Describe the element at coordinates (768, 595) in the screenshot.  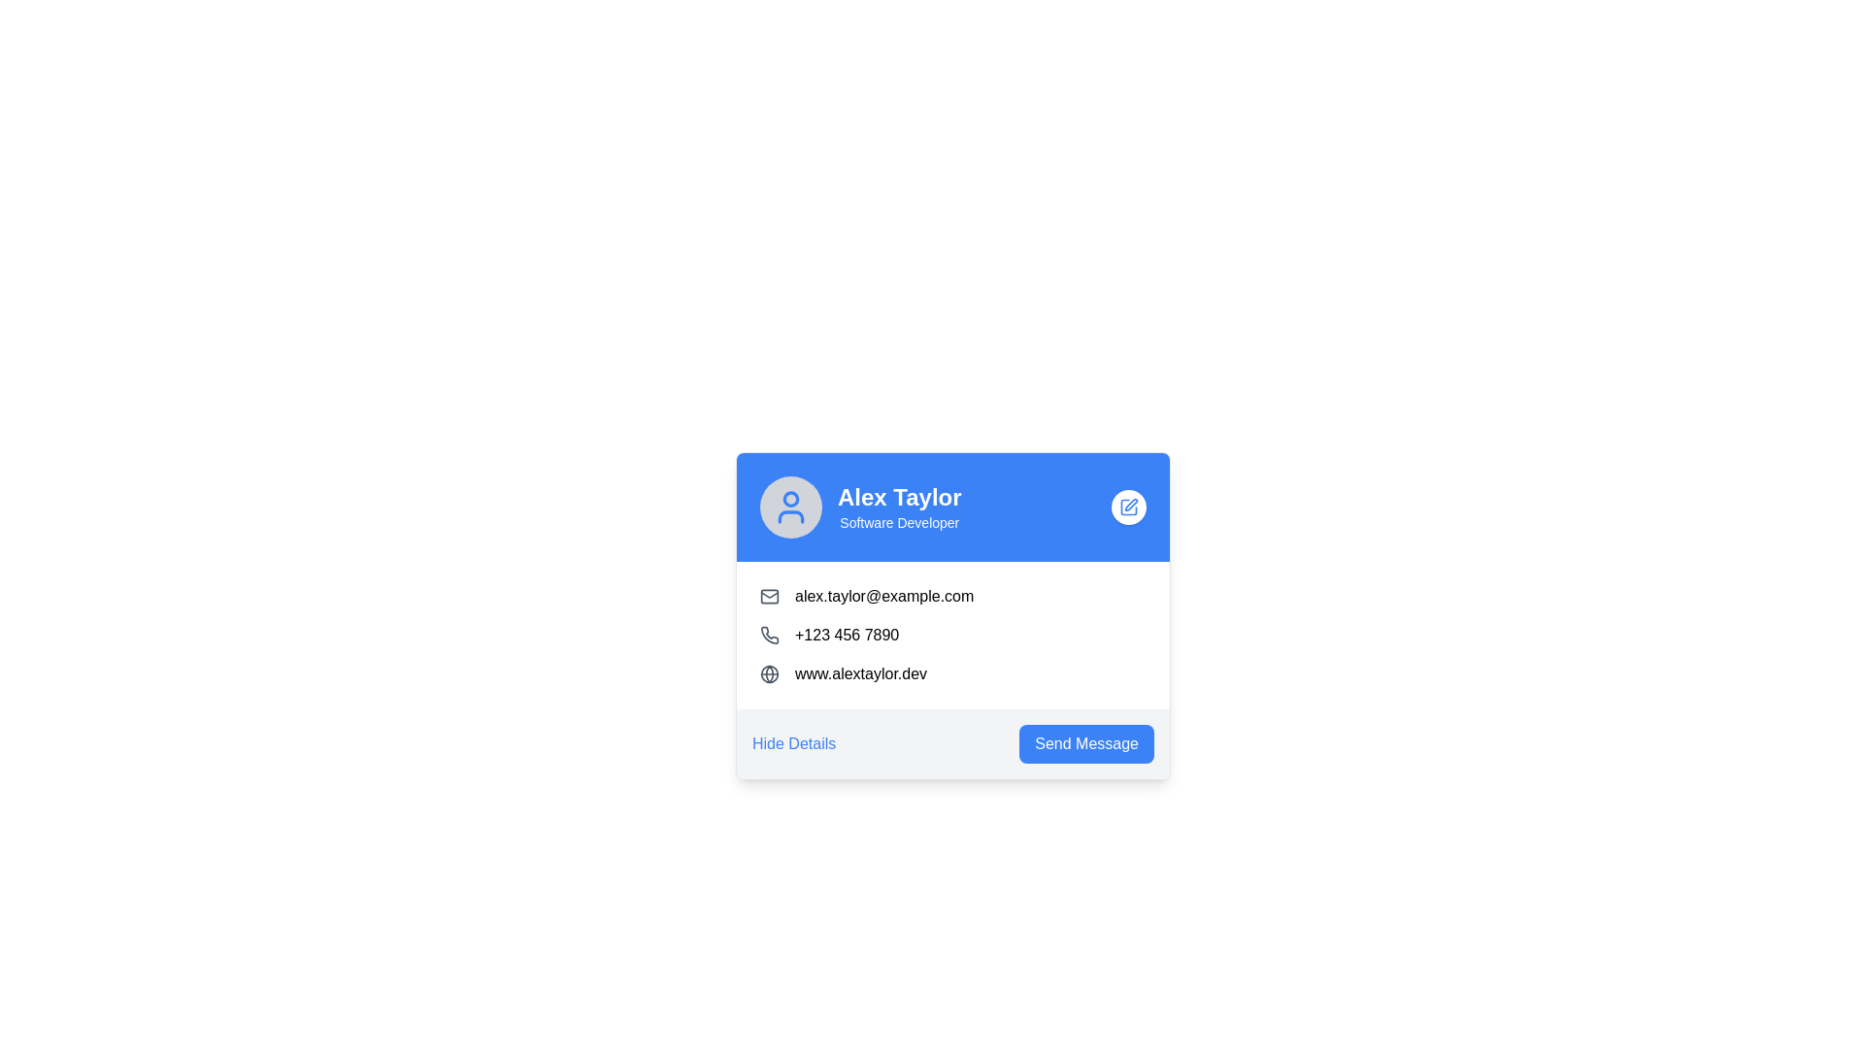
I see `the envelope icon representing email, located beside the email address 'alex.taylor@example.com' in the user information card` at that location.